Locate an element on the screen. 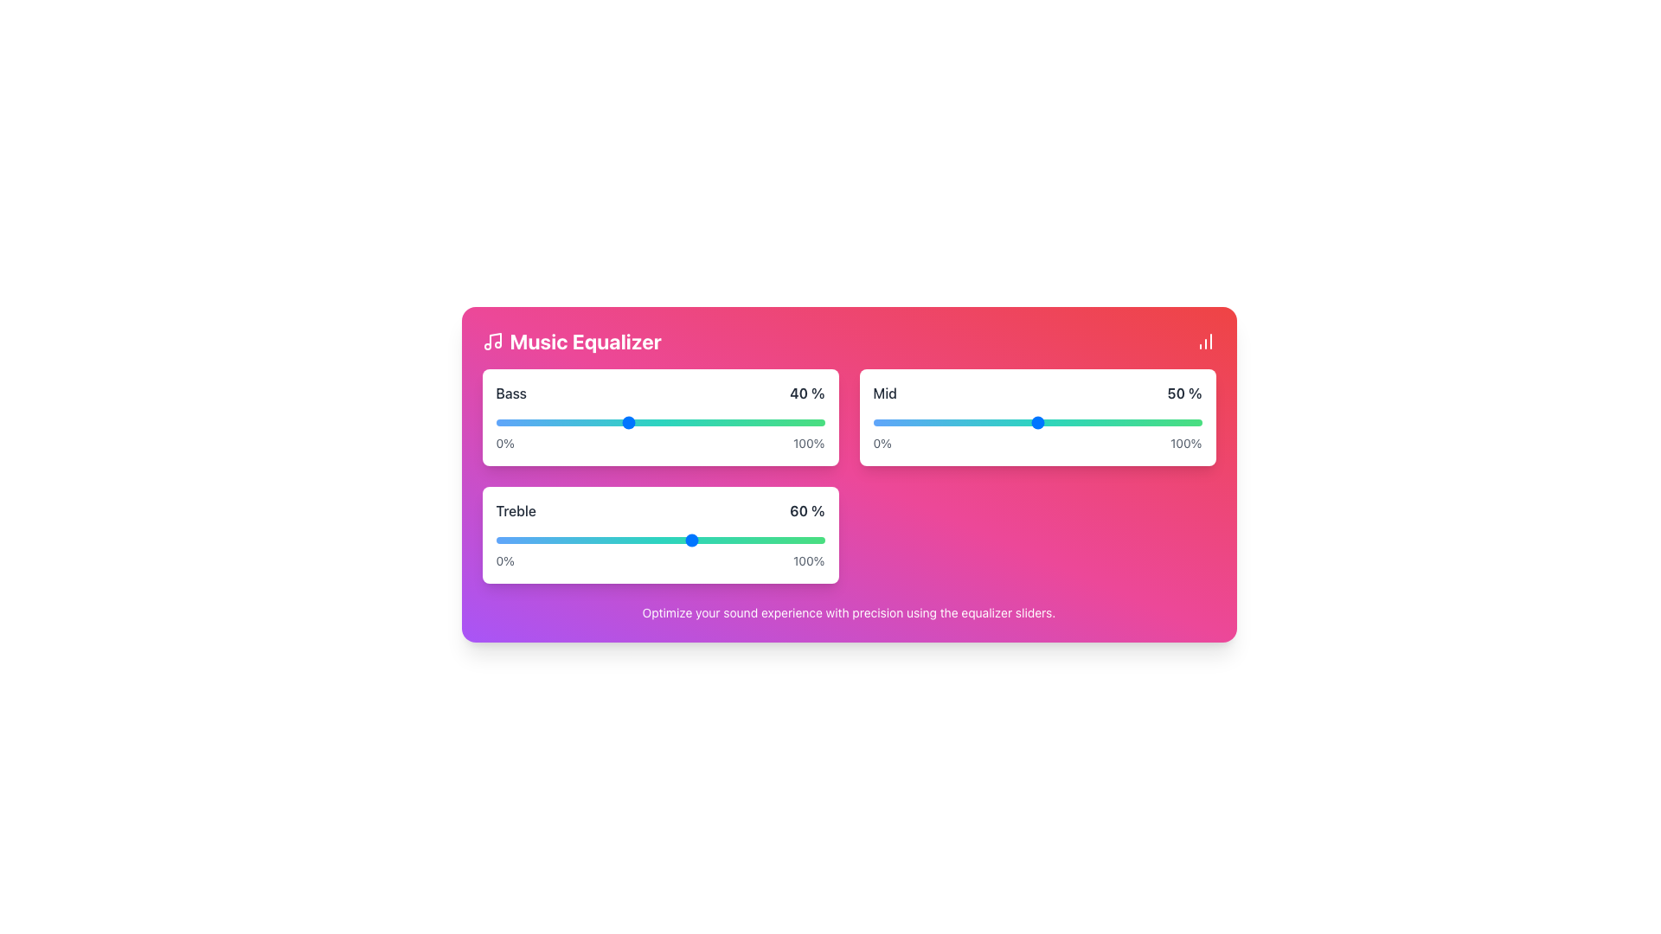 The width and height of the screenshot is (1661, 934). the label text displaying '100%' that is positioned on the far right side of the second slider labeled 'Treble' in a vertically stacked set of equalizers is located at coordinates (808, 560).